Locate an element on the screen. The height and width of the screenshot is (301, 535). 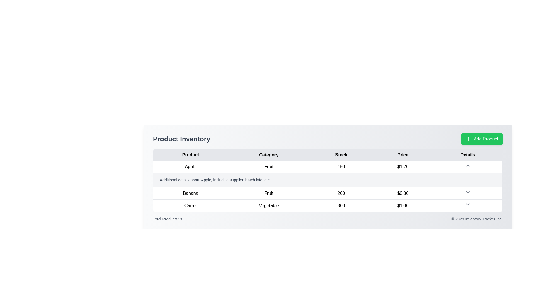
text from the Table Header Label indicating the price information of items, located at the fourth position in the header row of the table is located at coordinates (403, 155).